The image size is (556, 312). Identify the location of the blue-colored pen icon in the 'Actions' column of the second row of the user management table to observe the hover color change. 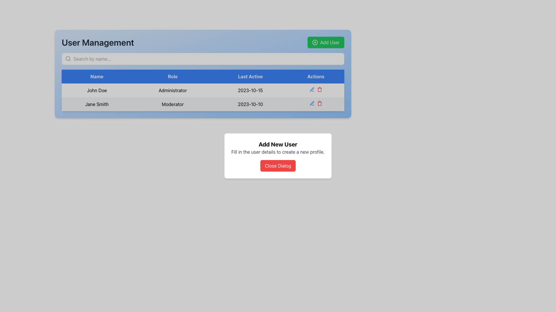
(312, 89).